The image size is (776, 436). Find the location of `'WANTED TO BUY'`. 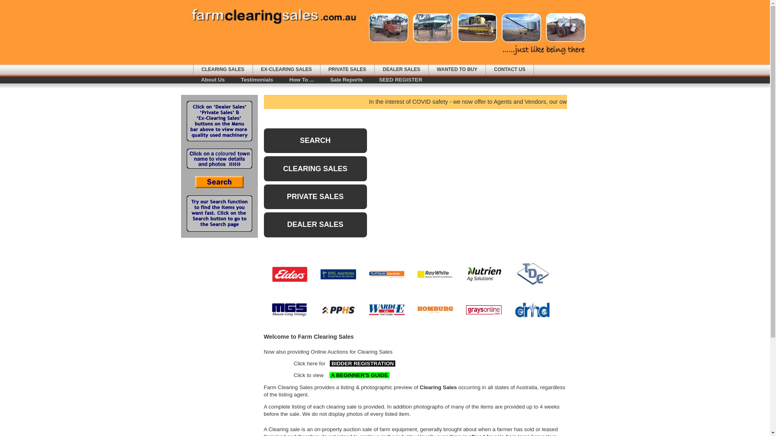

'WANTED TO BUY' is located at coordinates (457, 69).